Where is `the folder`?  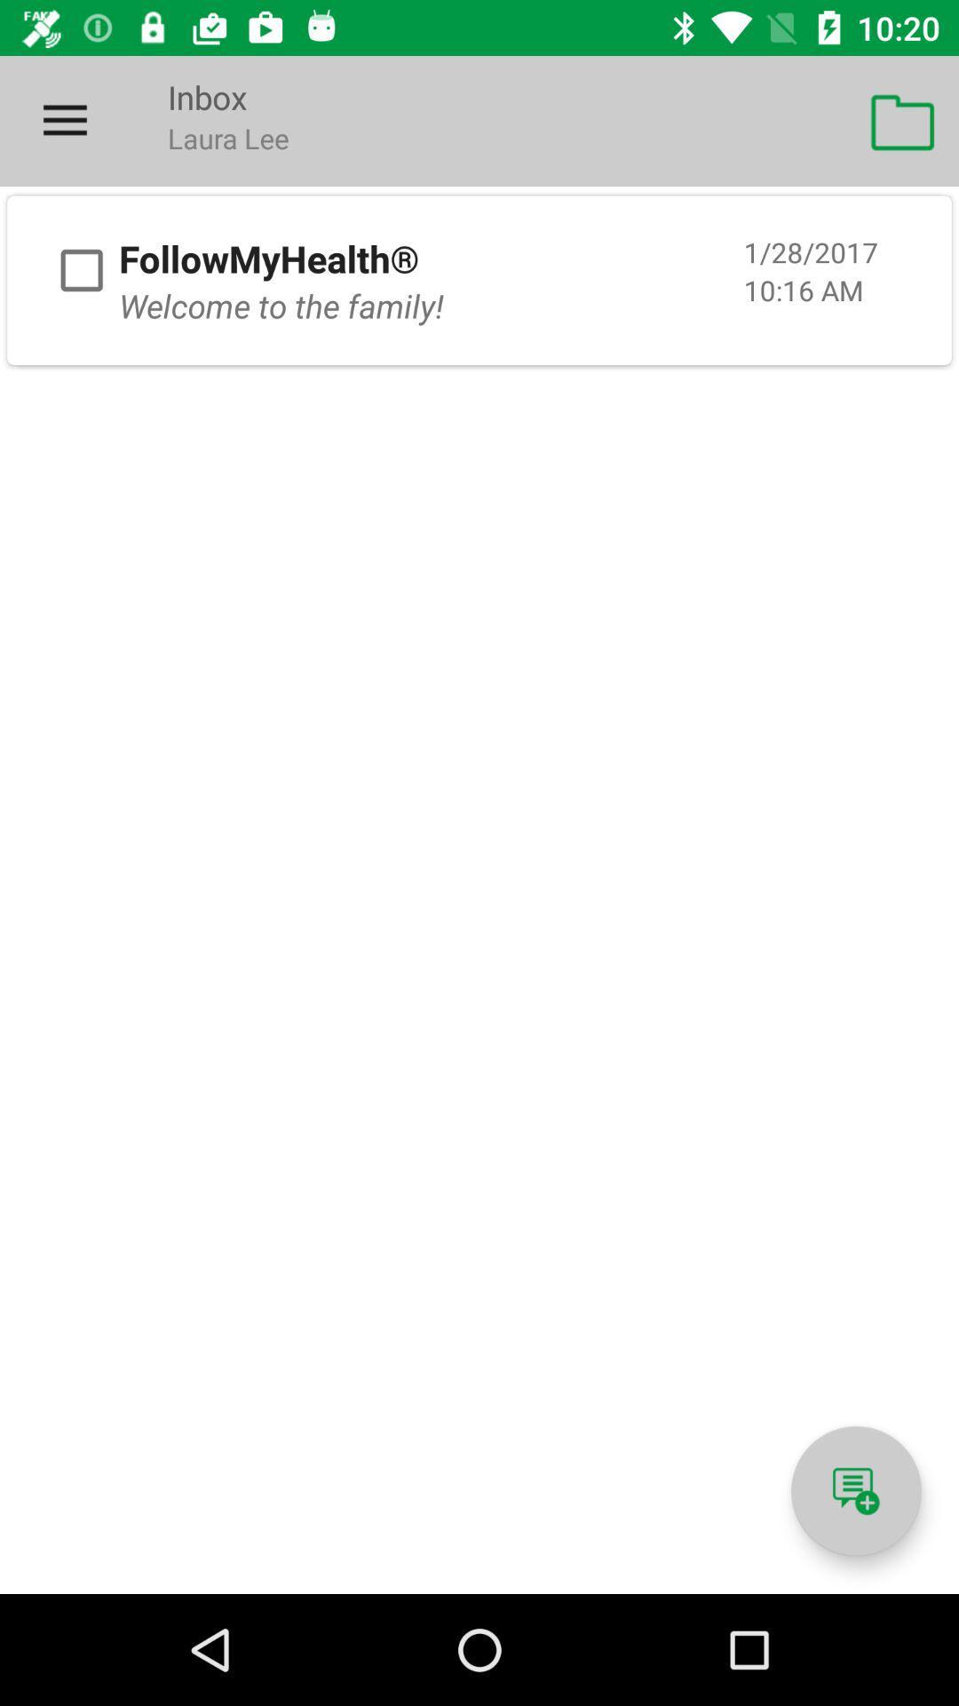 the folder is located at coordinates (82, 269).